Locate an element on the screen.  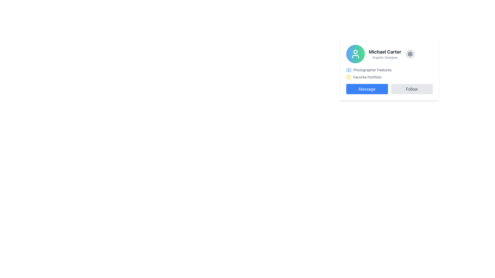
the Settings icon located next to 'Michael Carter' in the top-right section of the user profile card is located at coordinates (410, 54).